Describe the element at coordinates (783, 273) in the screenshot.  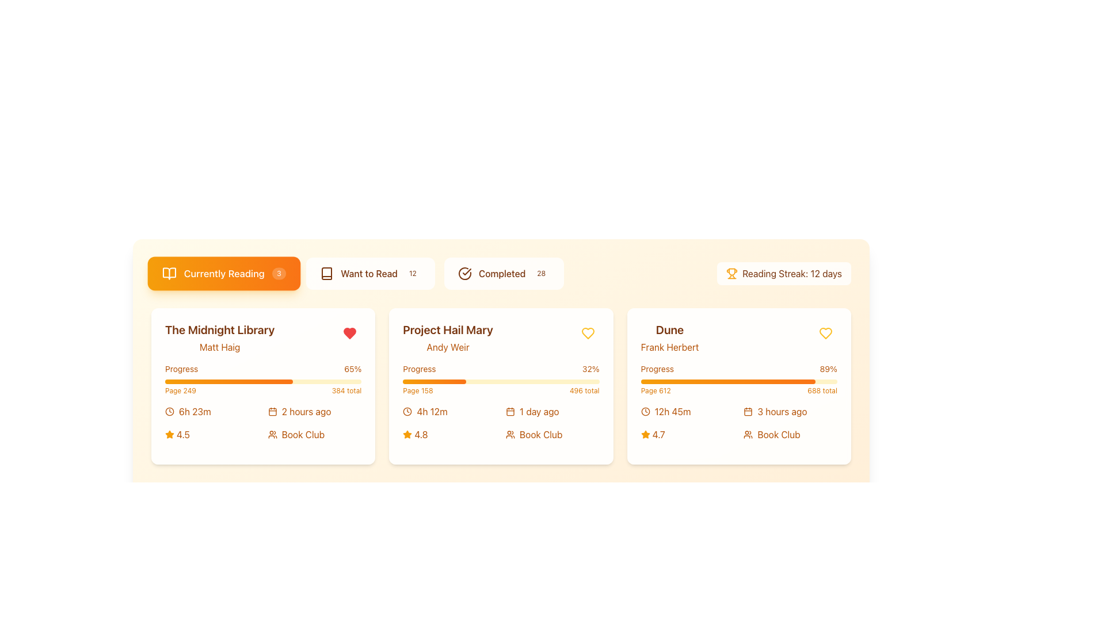
I see `the Information display component that shows the user's current reading streak for accessibility interaction` at that location.